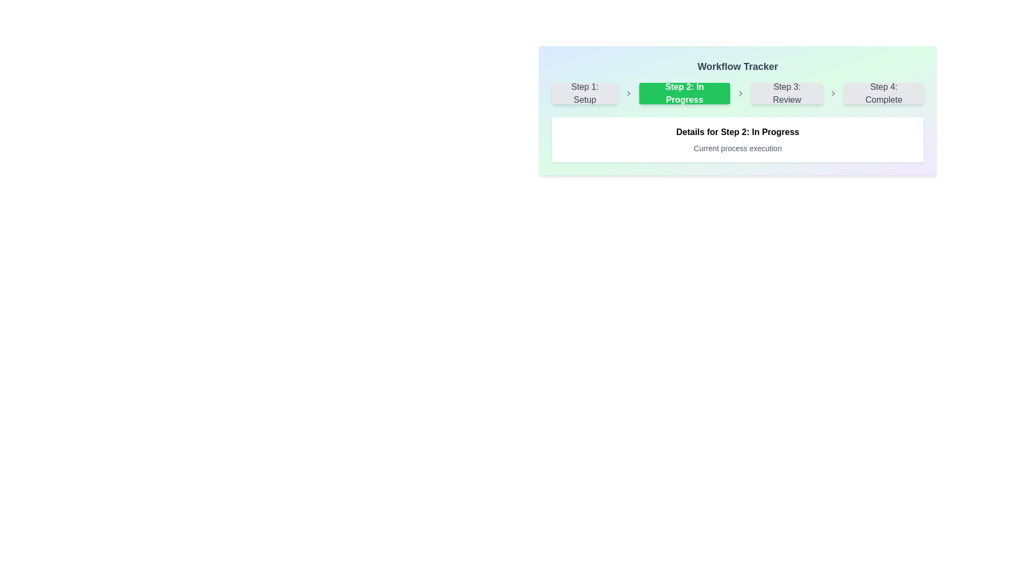  What do you see at coordinates (884, 93) in the screenshot?
I see `the 'Step 4: Complete' button, which is a rounded button with a light gray background and darker text, located at the far right of the progress tracker bar` at bounding box center [884, 93].